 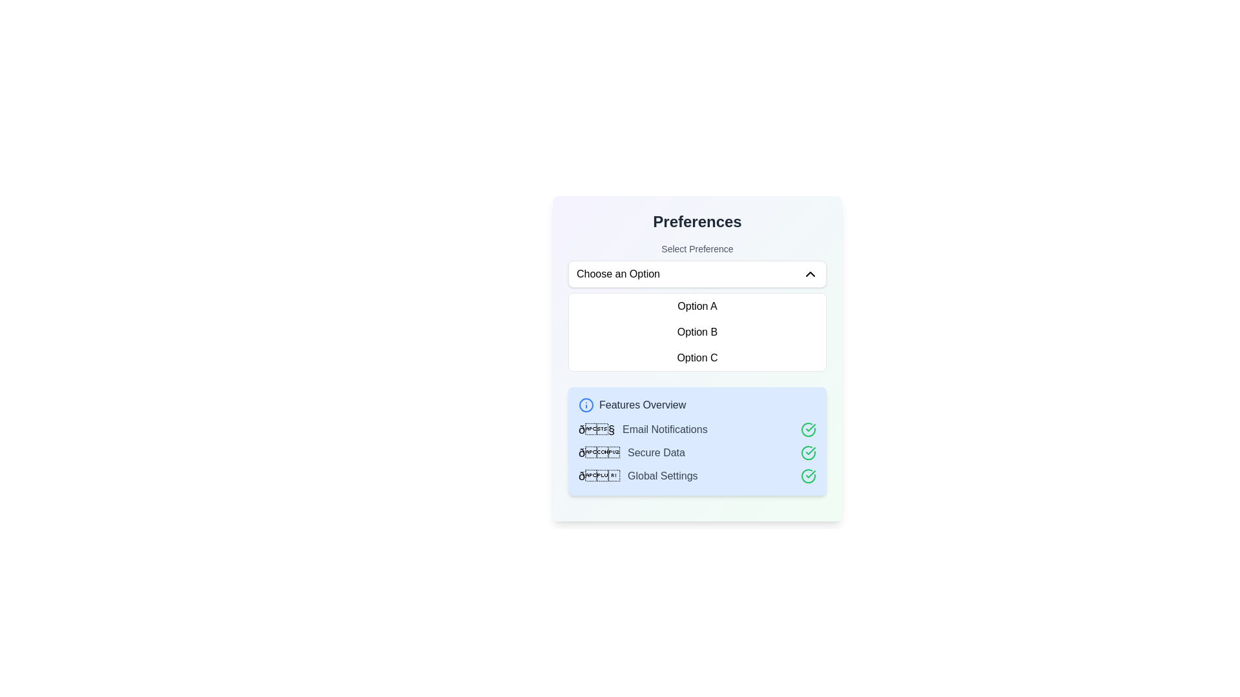 What do you see at coordinates (809, 273) in the screenshot?
I see `the upward chevron icon located at the right end of the 'Choose an Option' section under the 'Preferences' title` at bounding box center [809, 273].